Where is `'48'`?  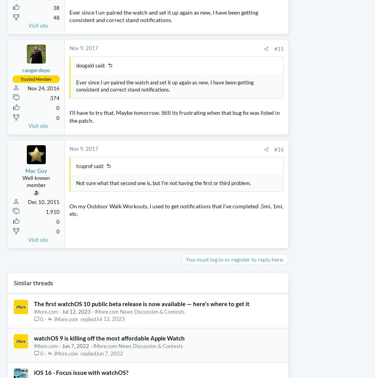
'48' is located at coordinates (56, 63).